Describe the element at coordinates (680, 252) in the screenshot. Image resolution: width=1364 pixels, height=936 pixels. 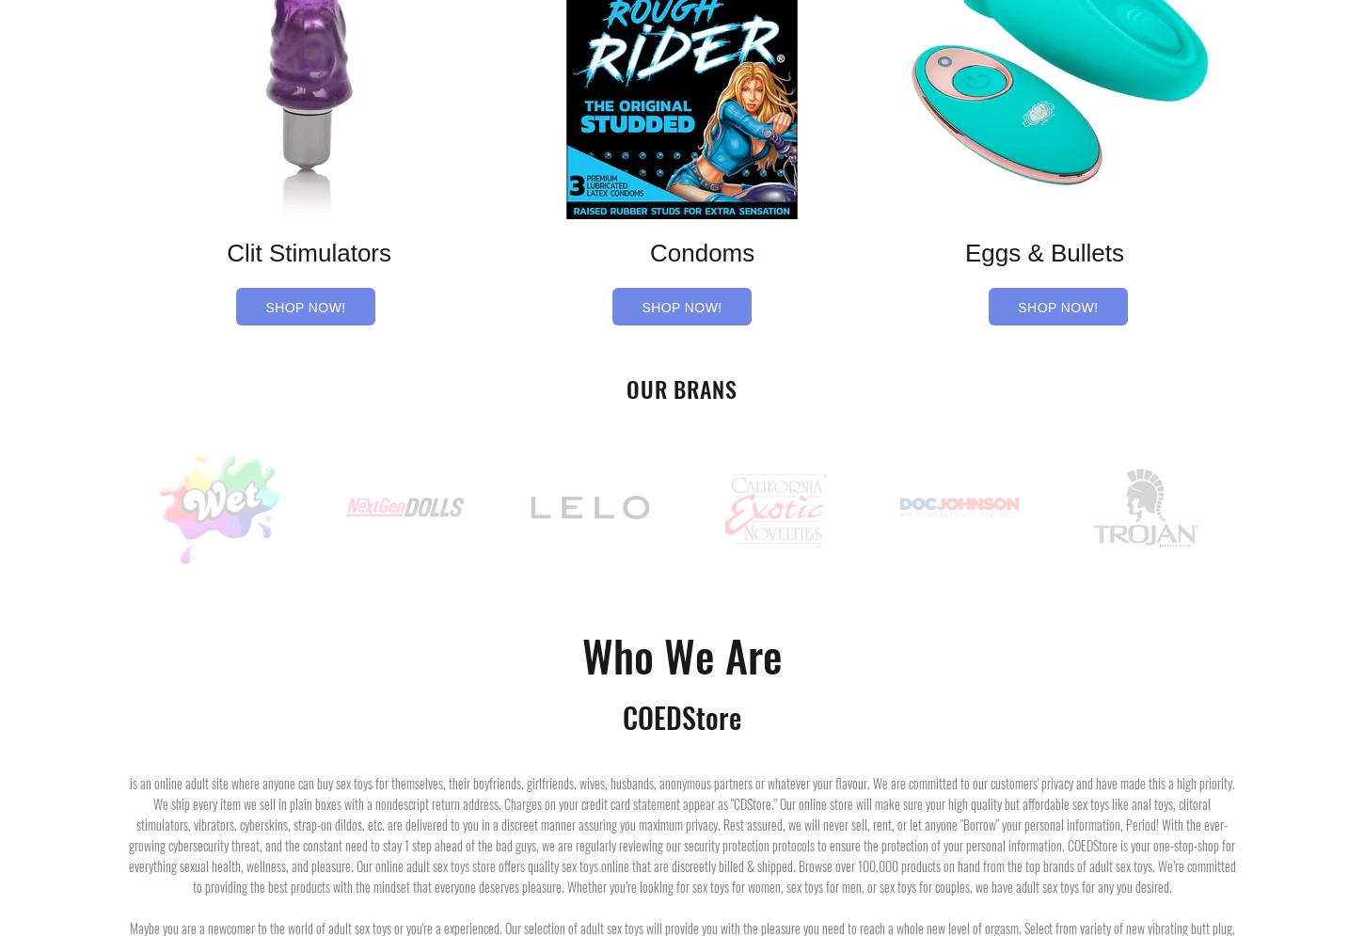
I see `'Condoms'` at that location.